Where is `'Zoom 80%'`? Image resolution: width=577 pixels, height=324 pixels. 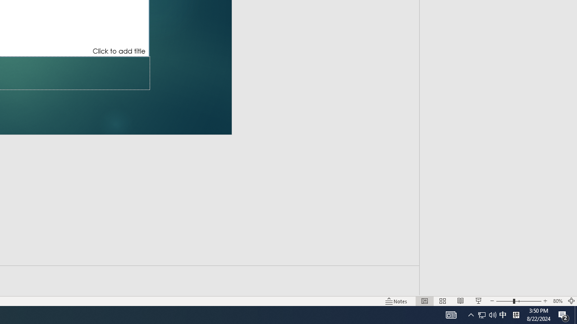
'Zoom 80%' is located at coordinates (557, 301).